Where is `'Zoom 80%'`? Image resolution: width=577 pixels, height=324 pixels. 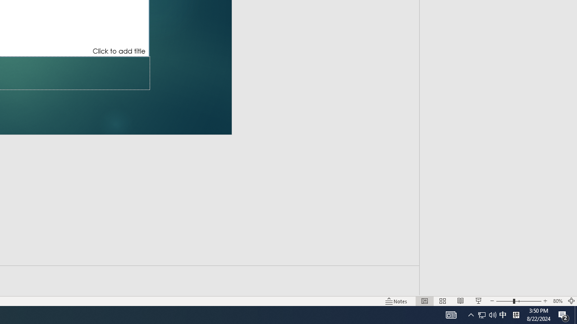
'Zoom 80%' is located at coordinates (557, 301).